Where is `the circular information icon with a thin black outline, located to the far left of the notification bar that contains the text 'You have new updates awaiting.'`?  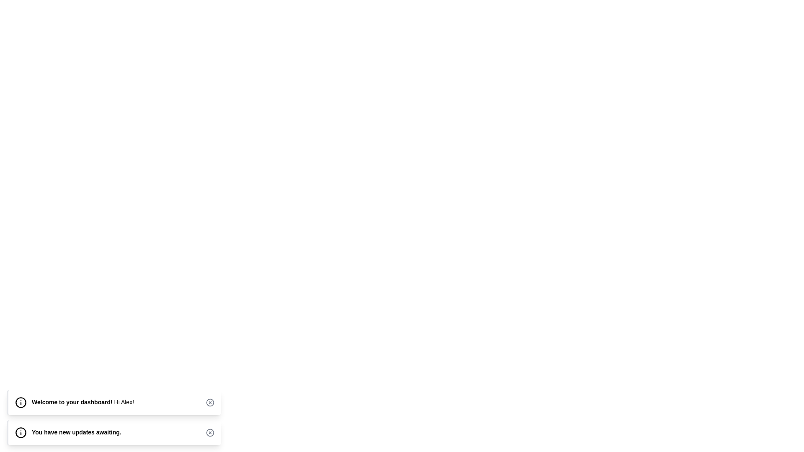
the circular information icon with a thin black outline, located to the far left of the notification bar that contains the text 'You have new updates awaiting.' is located at coordinates (21, 432).